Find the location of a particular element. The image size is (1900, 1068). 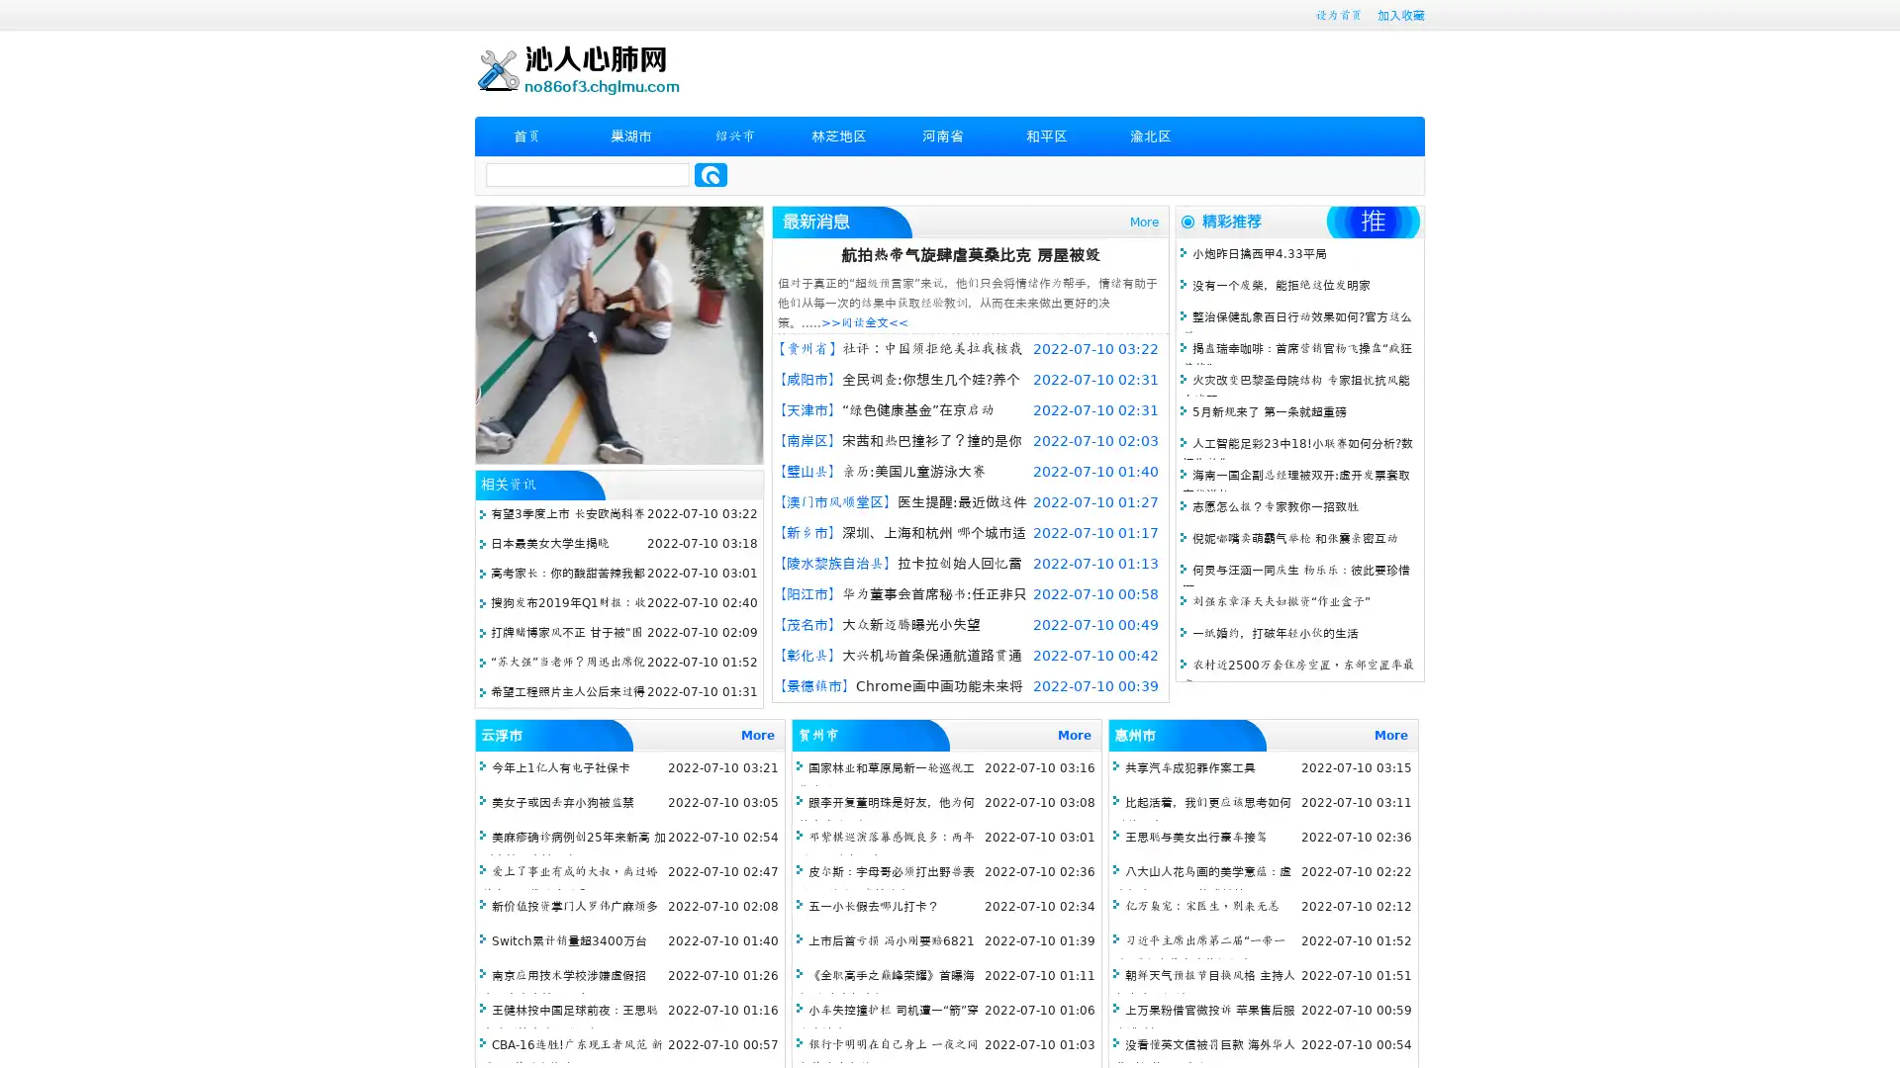

Search is located at coordinates (711, 174).